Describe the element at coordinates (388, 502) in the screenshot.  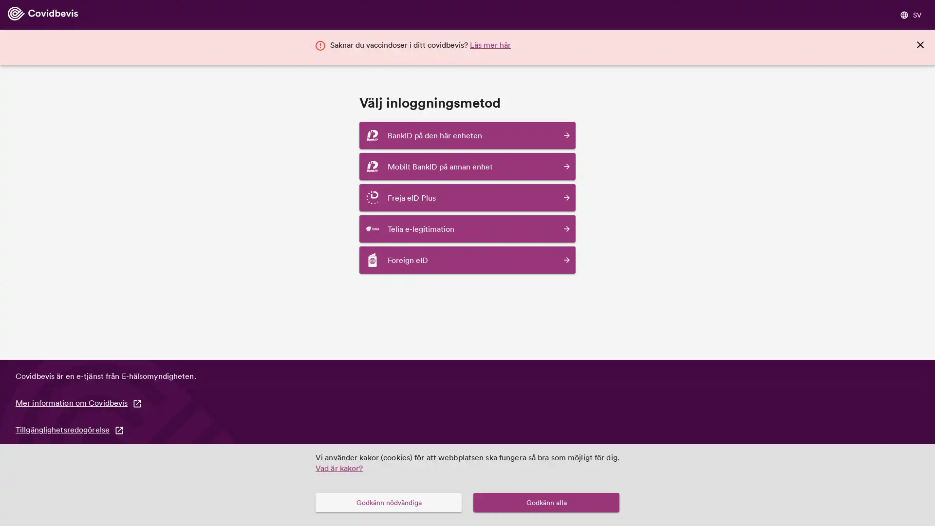
I see `Godkann nodvandiga` at that location.